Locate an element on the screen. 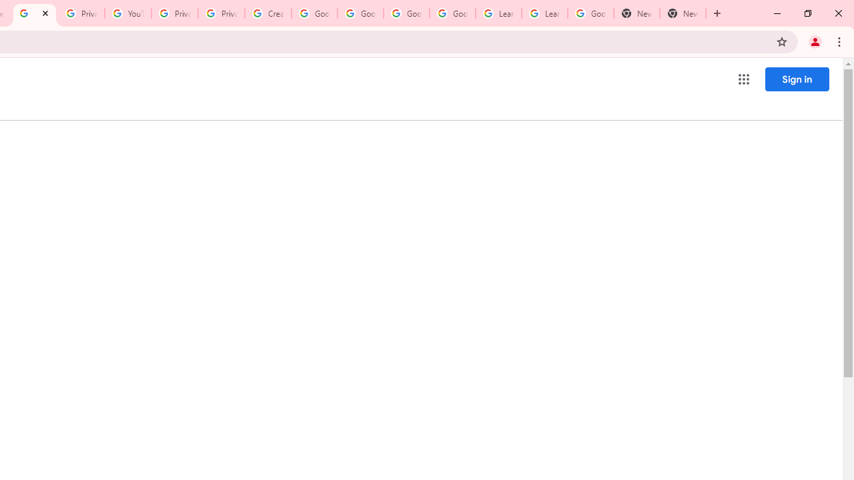 The image size is (854, 480). 'New Tab' is located at coordinates (636, 13).